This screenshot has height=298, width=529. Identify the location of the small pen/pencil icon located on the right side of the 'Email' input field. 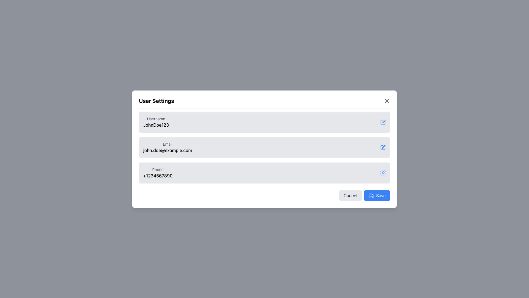
(383, 147).